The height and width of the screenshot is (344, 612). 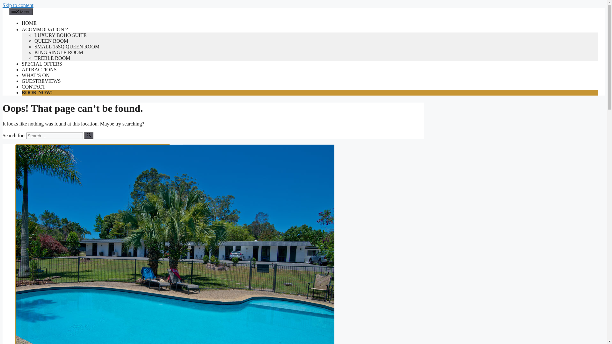 What do you see at coordinates (52, 58) in the screenshot?
I see `'TREBLE ROOM'` at bounding box center [52, 58].